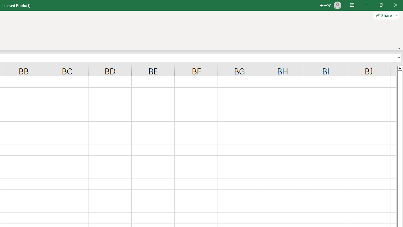  Describe the element at coordinates (395, 5) in the screenshot. I see `'Close'` at that location.